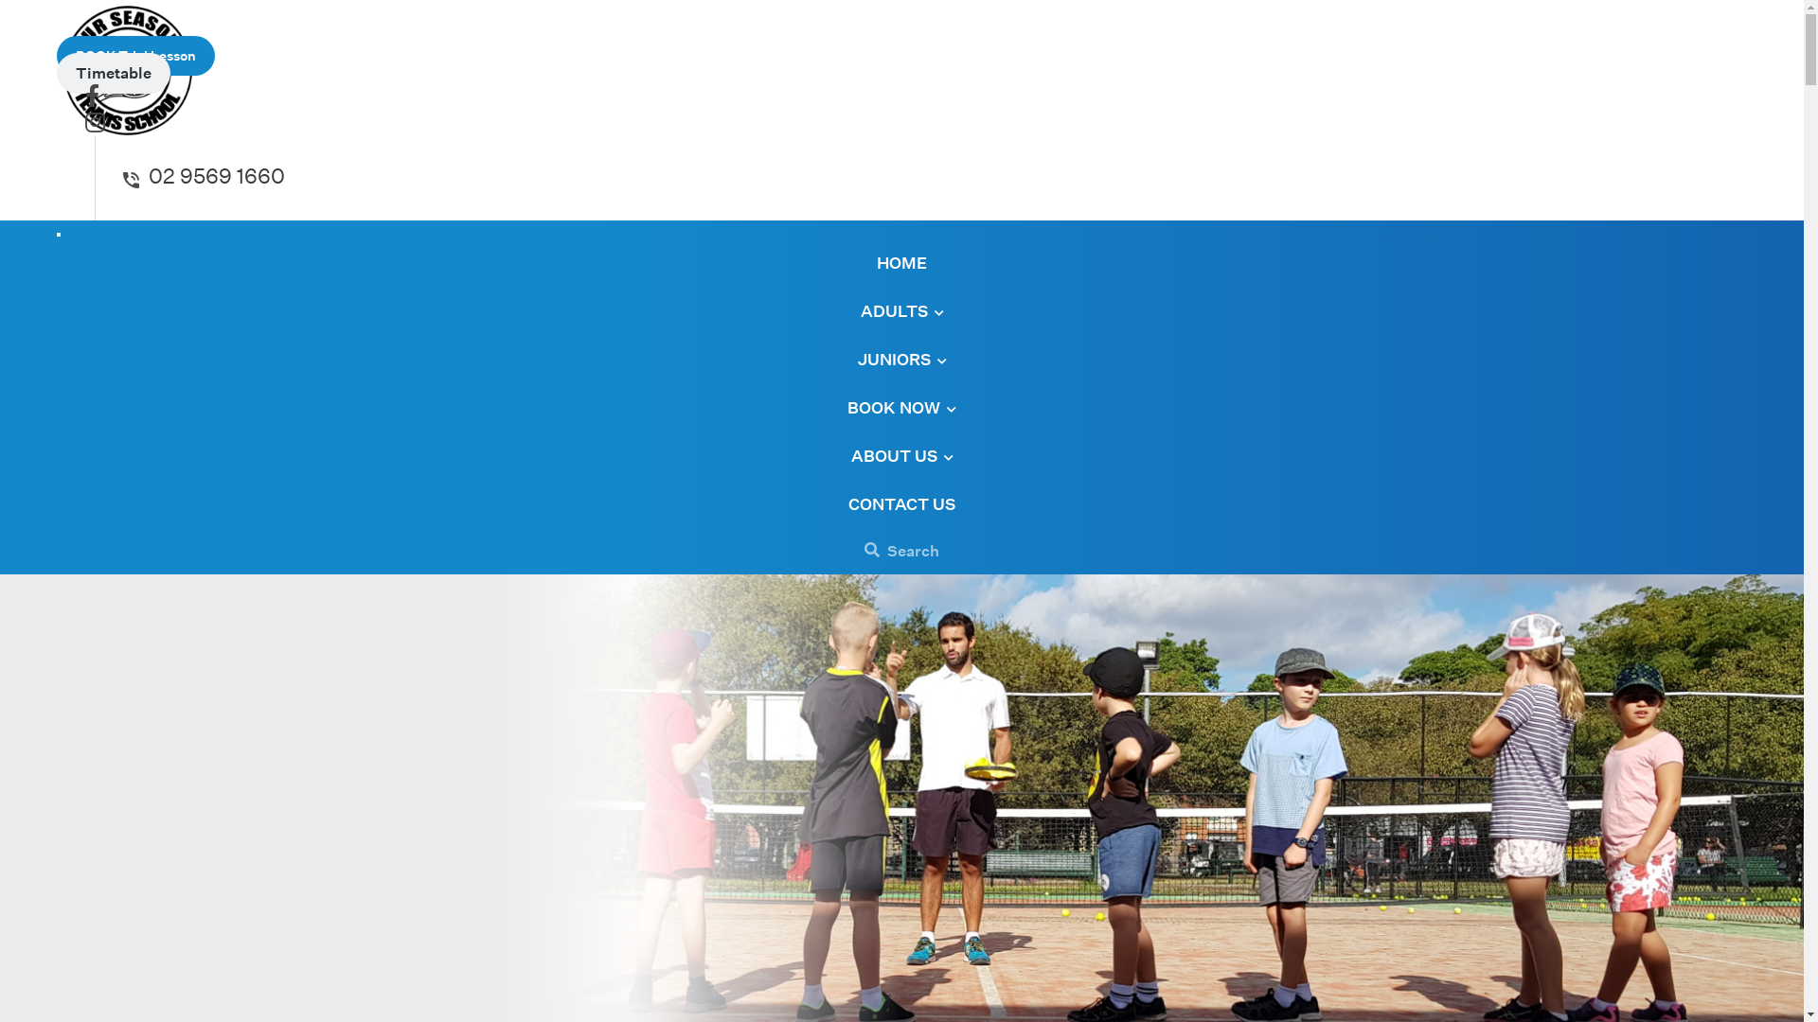 This screenshot has width=1818, height=1022. What do you see at coordinates (900, 502) in the screenshot?
I see `'CONTACT US'` at bounding box center [900, 502].